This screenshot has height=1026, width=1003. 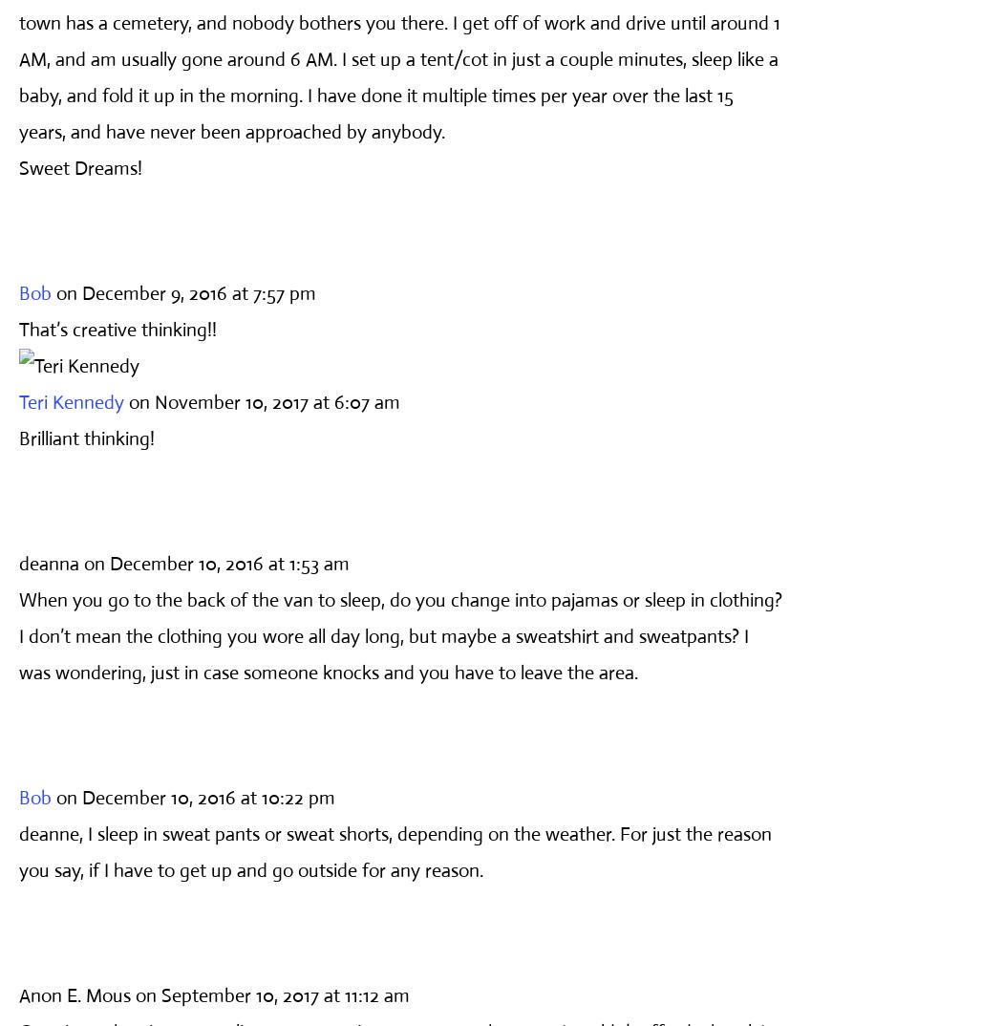 What do you see at coordinates (48, 562) in the screenshot?
I see `'deanna'` at bounding box center [48, 562].